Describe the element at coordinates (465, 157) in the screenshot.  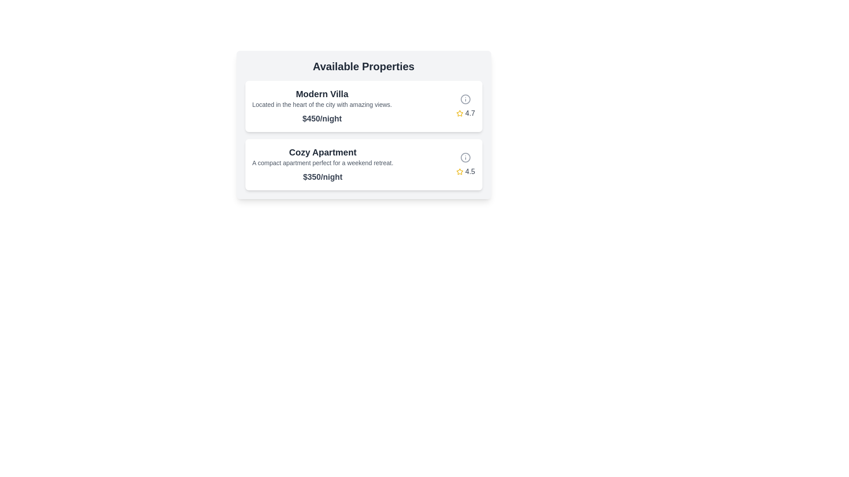
I see `the circular information icon associated with the 'Cozy Apartment' property` at that location.